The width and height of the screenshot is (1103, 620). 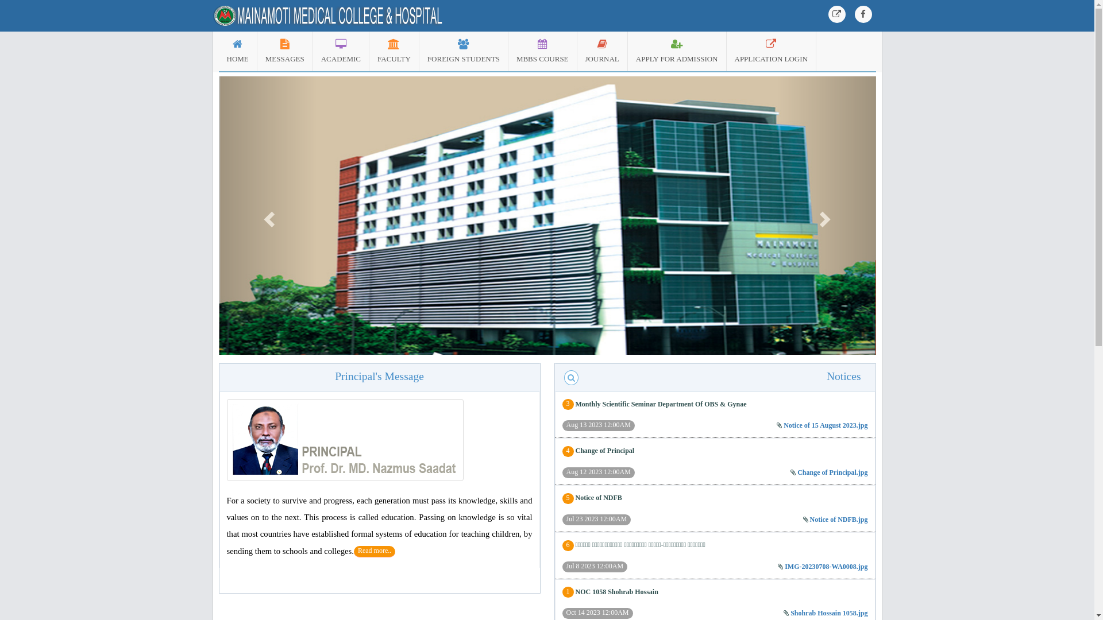 I want to click on 'CHAIRMAN, Meherunnessa Bahar', so click(x=344, y=439).